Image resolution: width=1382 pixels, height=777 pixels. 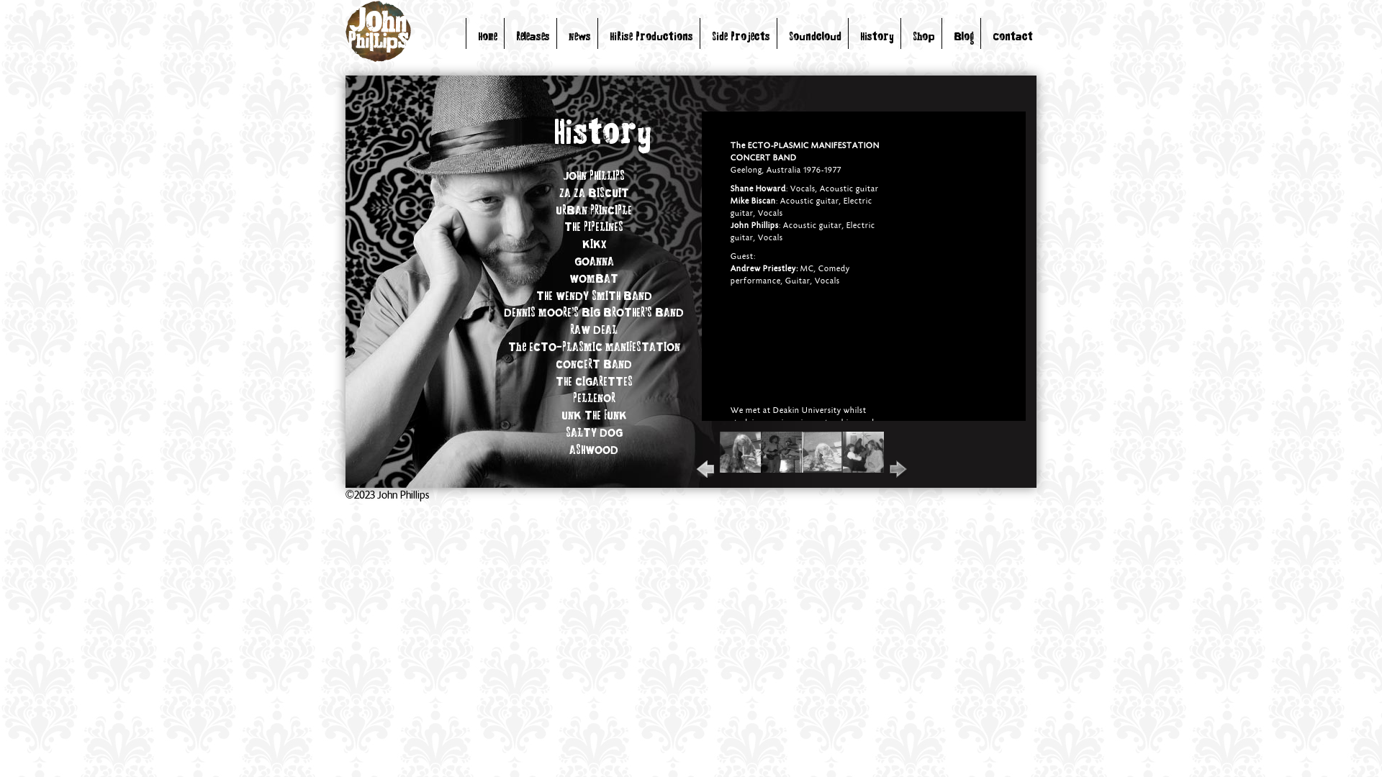 I want to click on 'Soundcloud', so click(x=787, y=37).